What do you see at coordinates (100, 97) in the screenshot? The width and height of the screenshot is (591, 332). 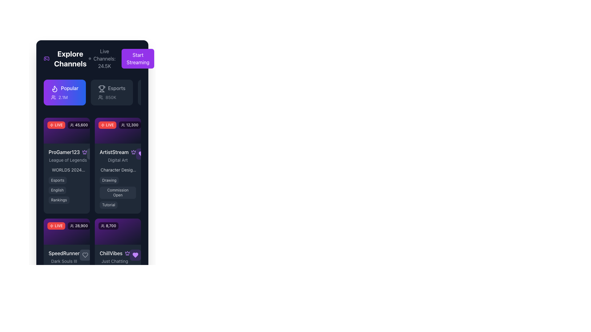 I see `the icon representing a group of people, which is styled in line art and located in the Esports section, second position among the category boxes` at bounding box center [100, 97].